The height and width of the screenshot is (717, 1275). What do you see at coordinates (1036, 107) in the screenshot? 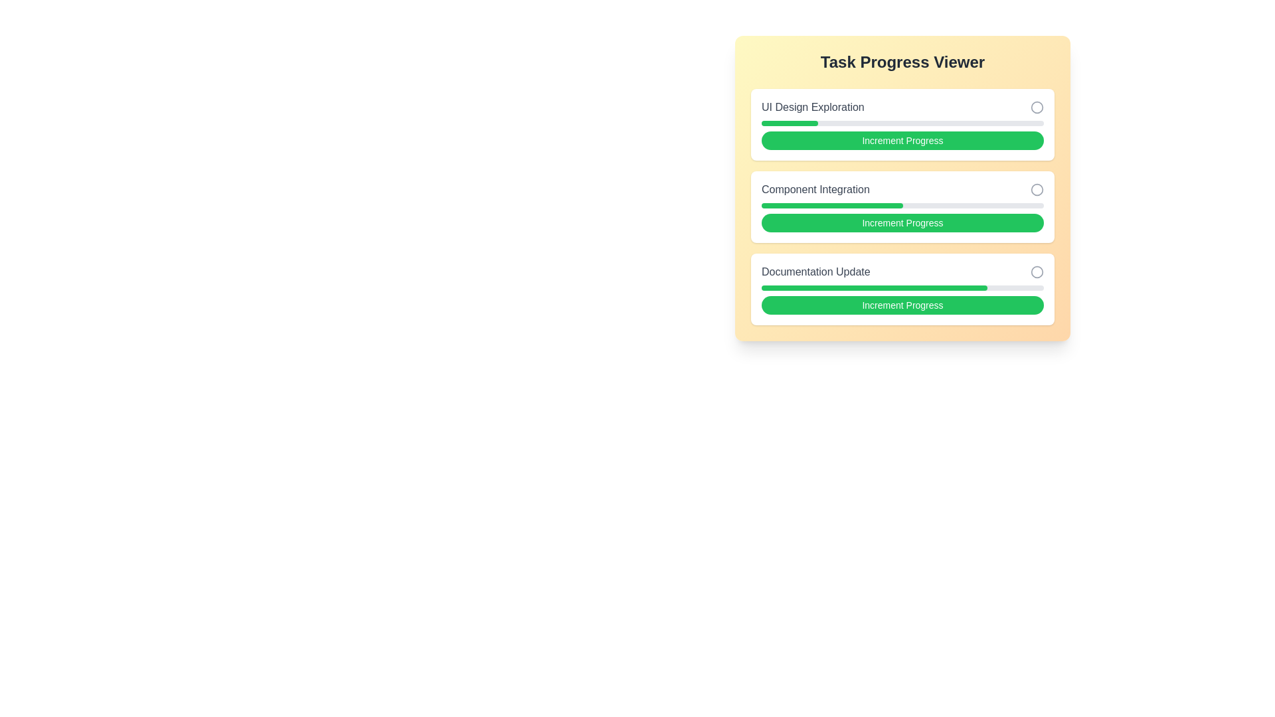
I see `the Circular status indicator located at the rightmost position in the 'UI Design Exploration' section, which serves as a status marker for task completion` at bounding box center [1036, 107].